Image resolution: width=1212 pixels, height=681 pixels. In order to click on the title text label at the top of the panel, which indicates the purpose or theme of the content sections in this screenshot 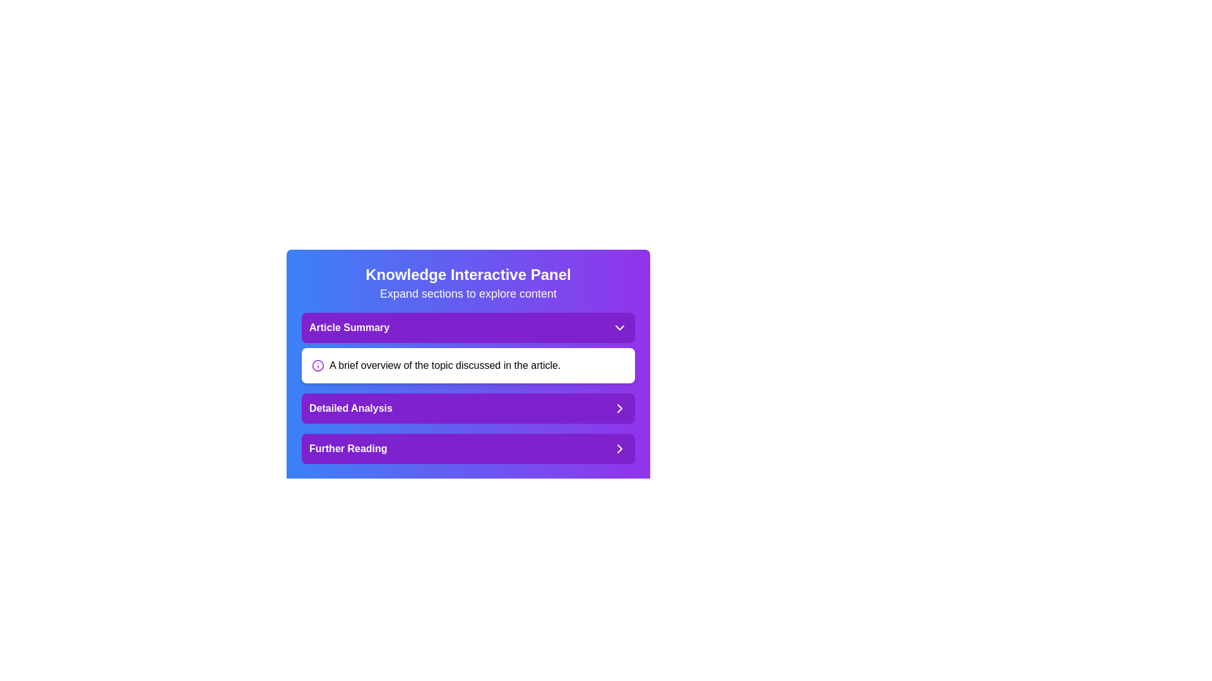, I will do `click(468, 274)`.